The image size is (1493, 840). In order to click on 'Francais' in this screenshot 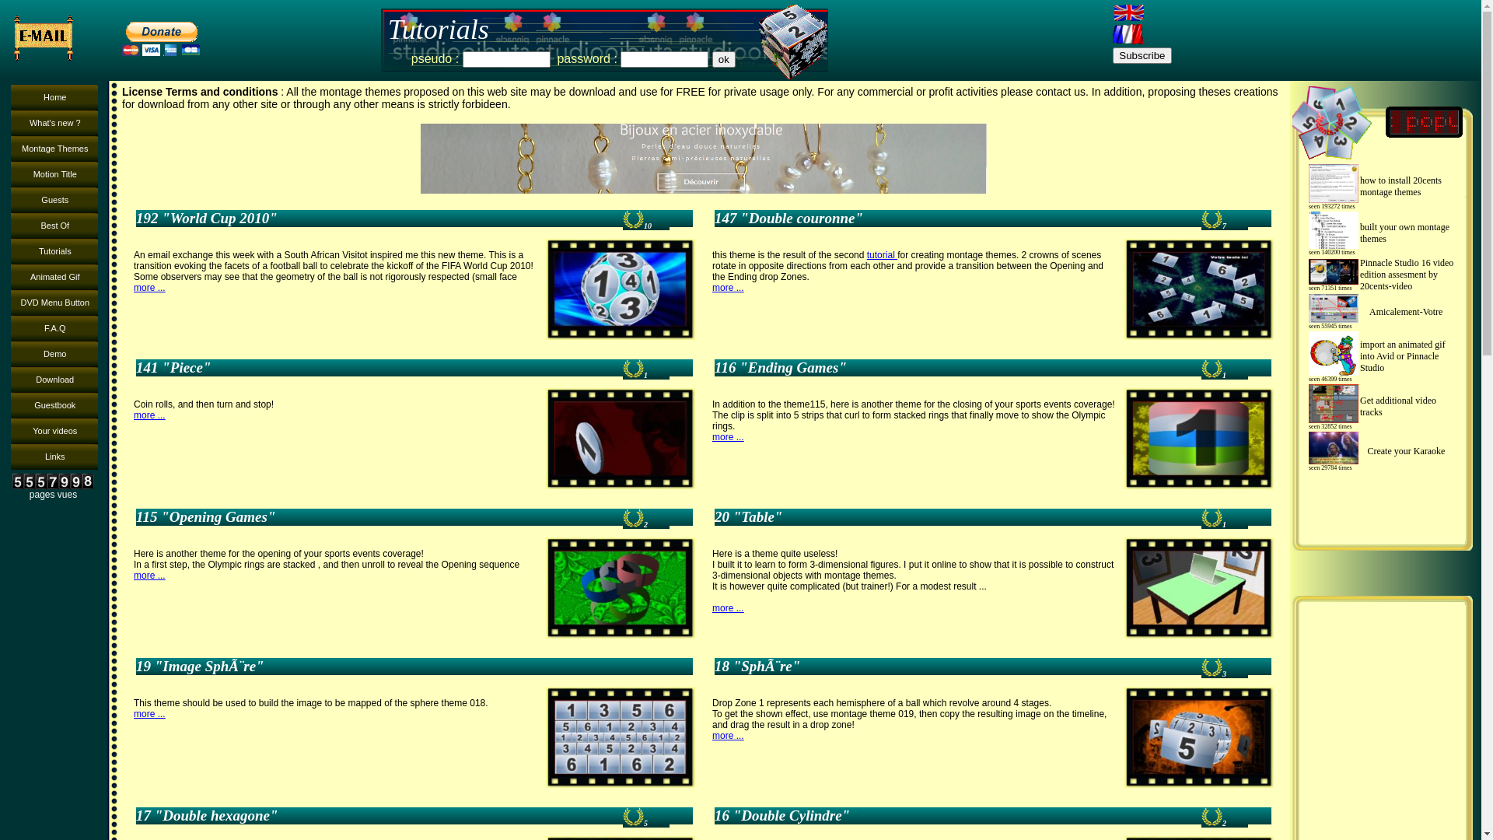, I will do `click(1128, 33)`.